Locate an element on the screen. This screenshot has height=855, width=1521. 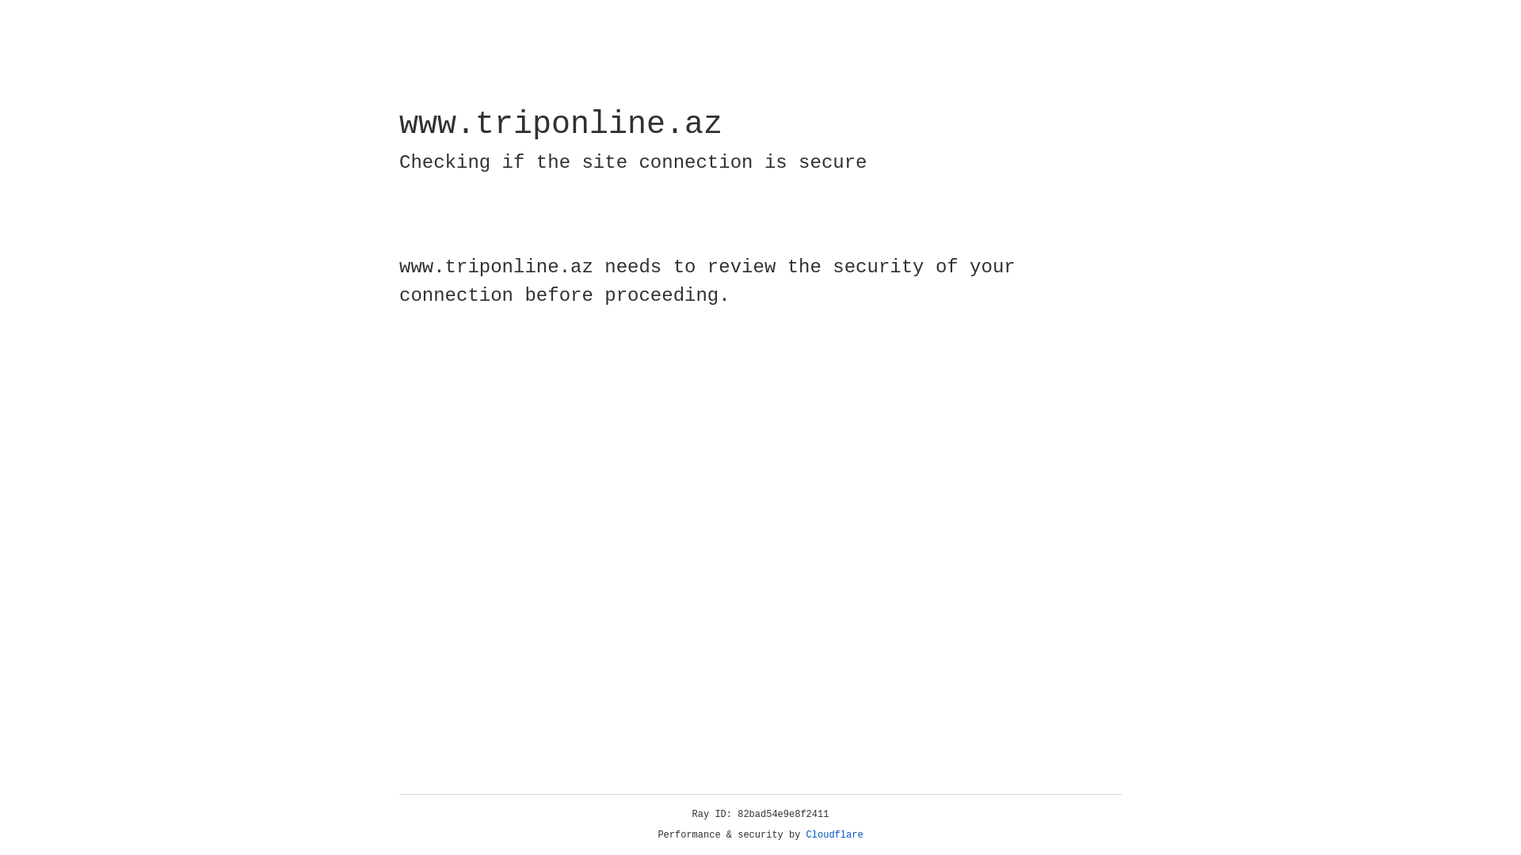
'Cloudflare' is located at coordinates (806, 834).